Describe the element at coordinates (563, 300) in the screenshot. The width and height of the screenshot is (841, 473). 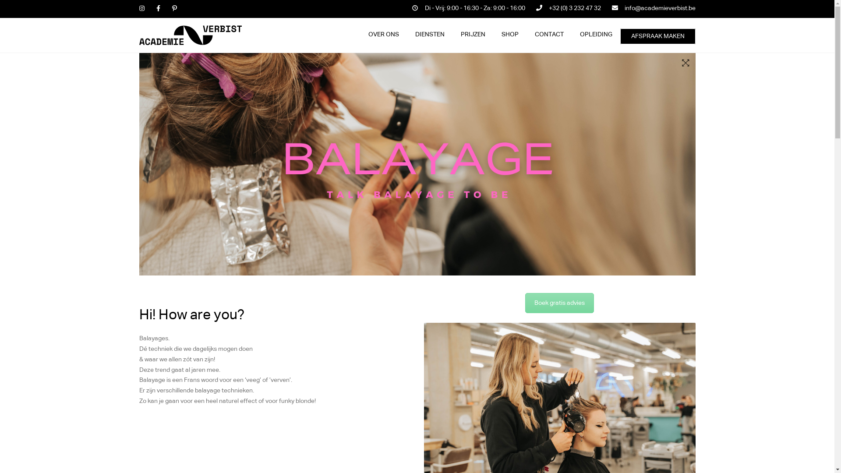
I see `'Falconplein 30, 2000 Antwerpen'` at that location.